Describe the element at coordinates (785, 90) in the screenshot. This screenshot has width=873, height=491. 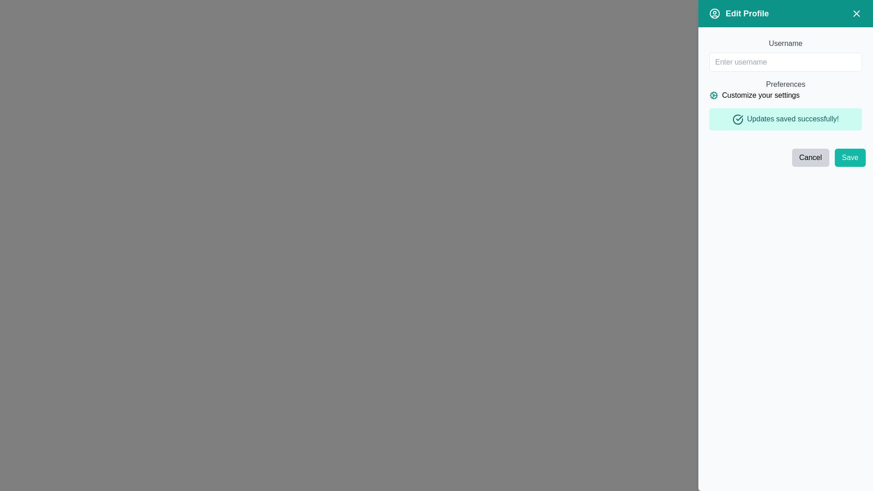
I see `the 'Preferences' text element that features a teal cogwheel icon and is located in the 'Edit Profile' dialog box, positioned between the 'Username' section and the status message 'Updates saved successfully!'` at that location.